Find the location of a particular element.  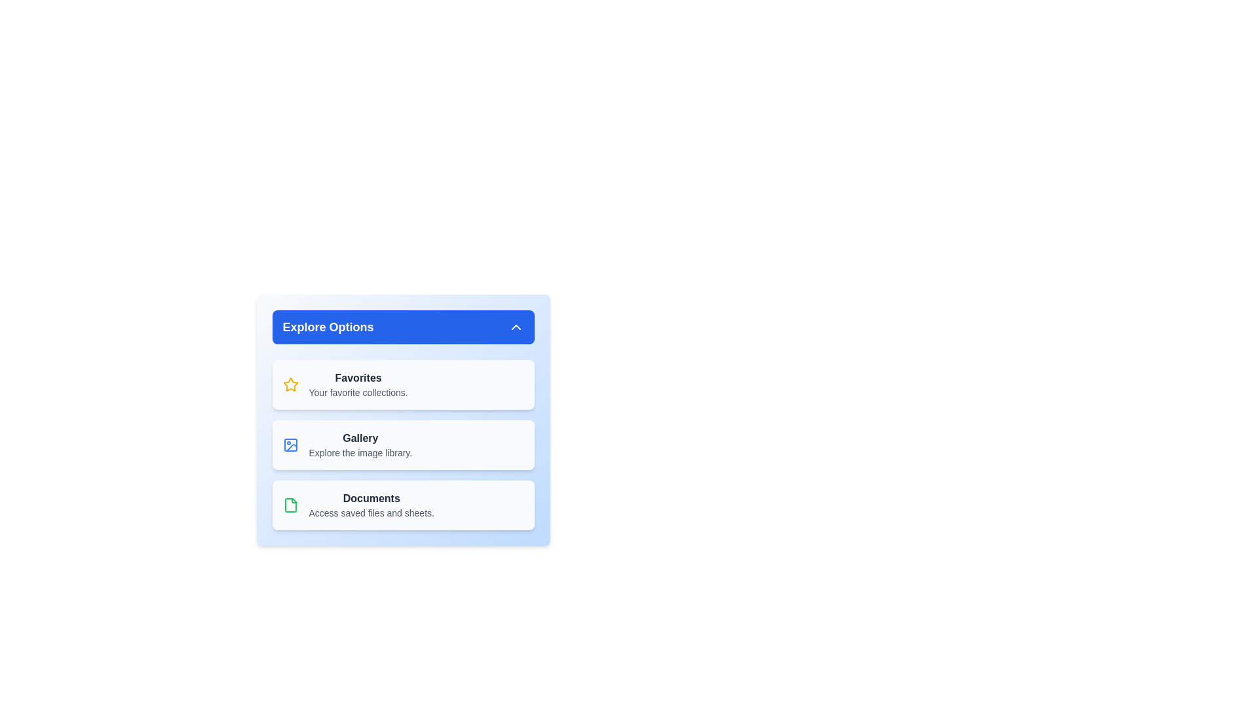

the golden-yellow star icon, which serves as the visual identifier for the 'Favorites' label in the navigation panel under 'Explore Options' is located at coordinates (290, 384).